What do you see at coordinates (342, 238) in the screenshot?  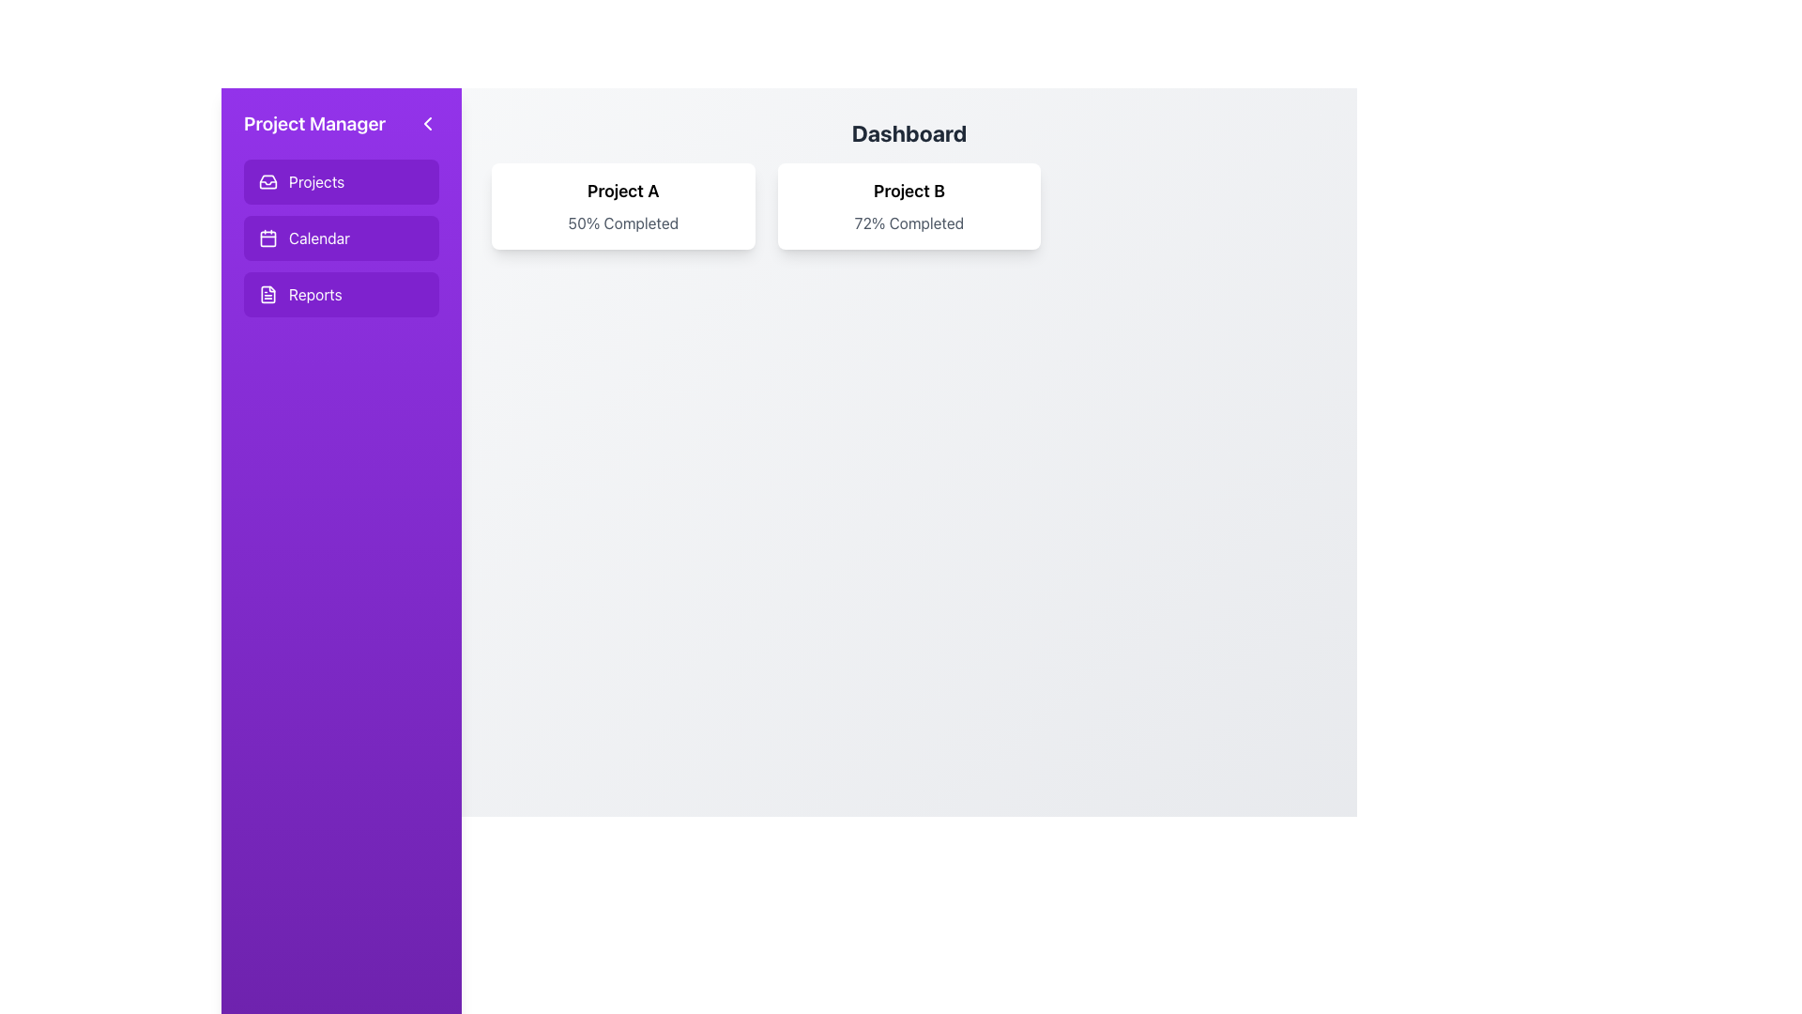 I see `the 'Calendar' button located in the left sidebar under the 'Project Manager' section` at bounding box center [342, 238].